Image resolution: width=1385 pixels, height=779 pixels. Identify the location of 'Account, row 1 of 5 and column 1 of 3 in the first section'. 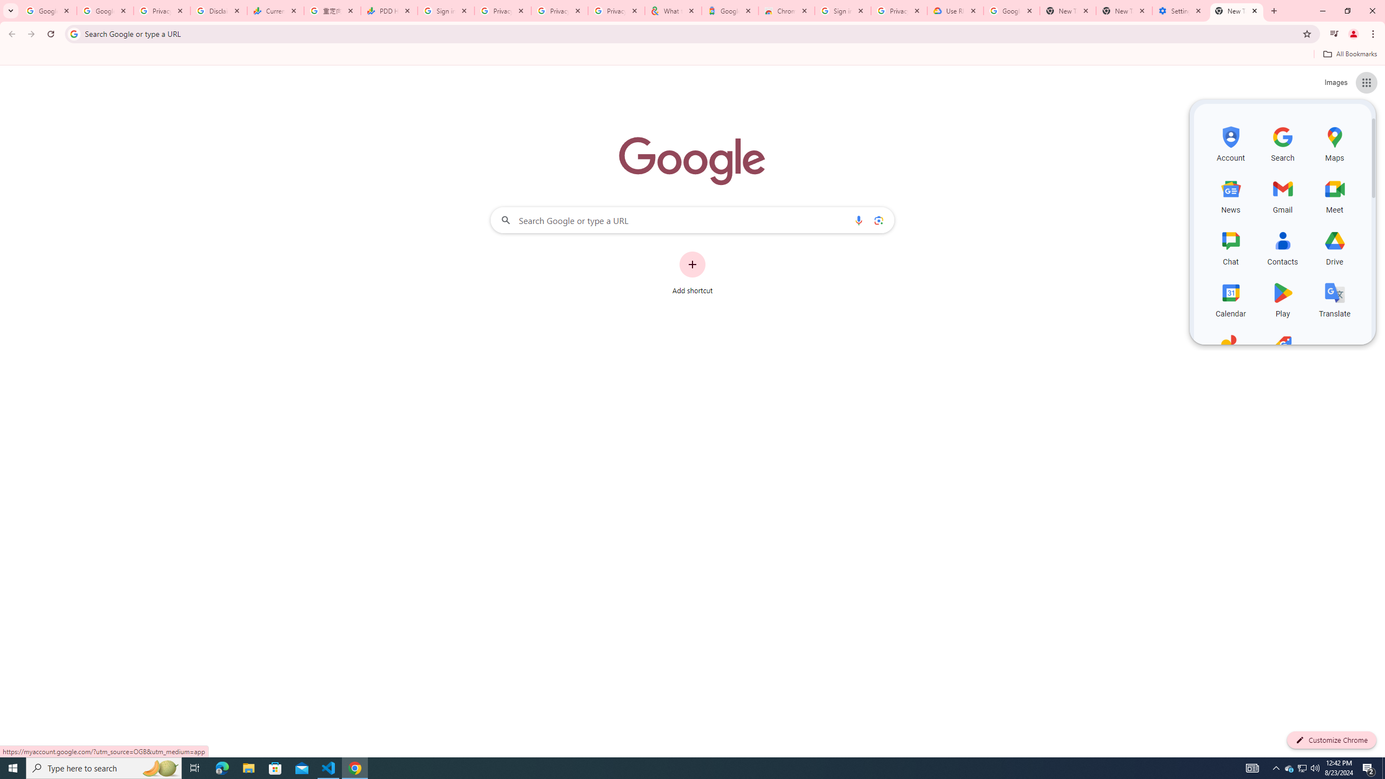
(1230, 142).